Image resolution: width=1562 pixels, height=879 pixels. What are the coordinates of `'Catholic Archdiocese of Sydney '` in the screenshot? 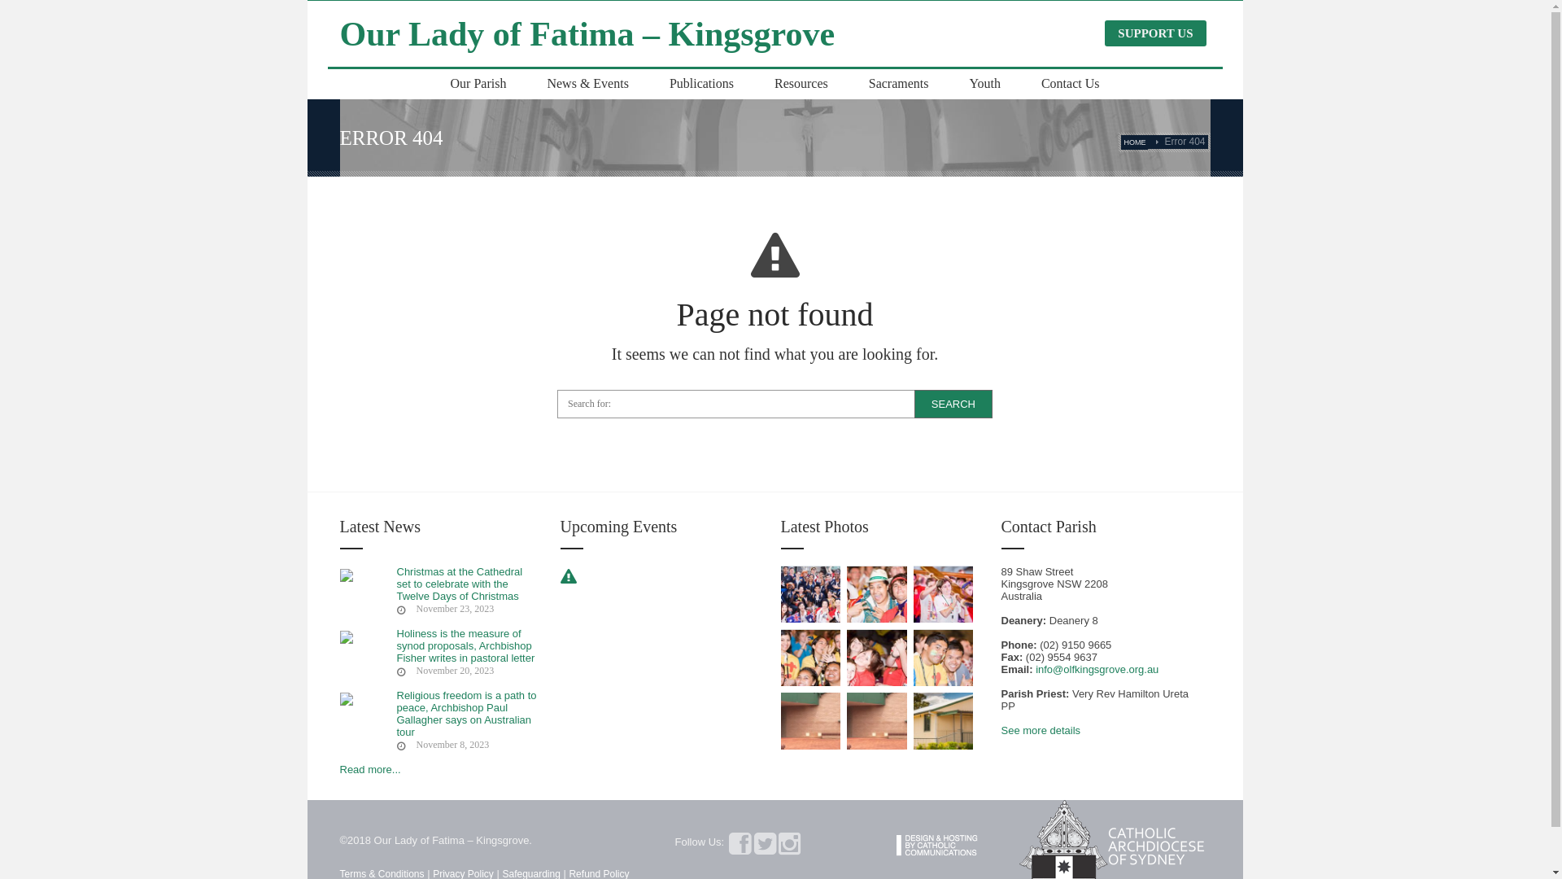 It's located at (1113, 842).